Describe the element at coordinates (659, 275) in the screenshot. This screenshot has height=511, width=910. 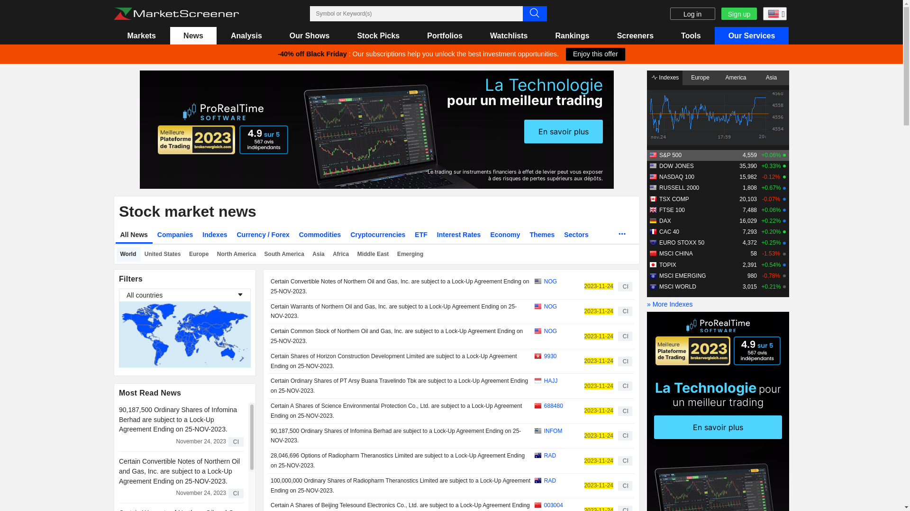
I see `'MSCI EMERGING'` at that location.